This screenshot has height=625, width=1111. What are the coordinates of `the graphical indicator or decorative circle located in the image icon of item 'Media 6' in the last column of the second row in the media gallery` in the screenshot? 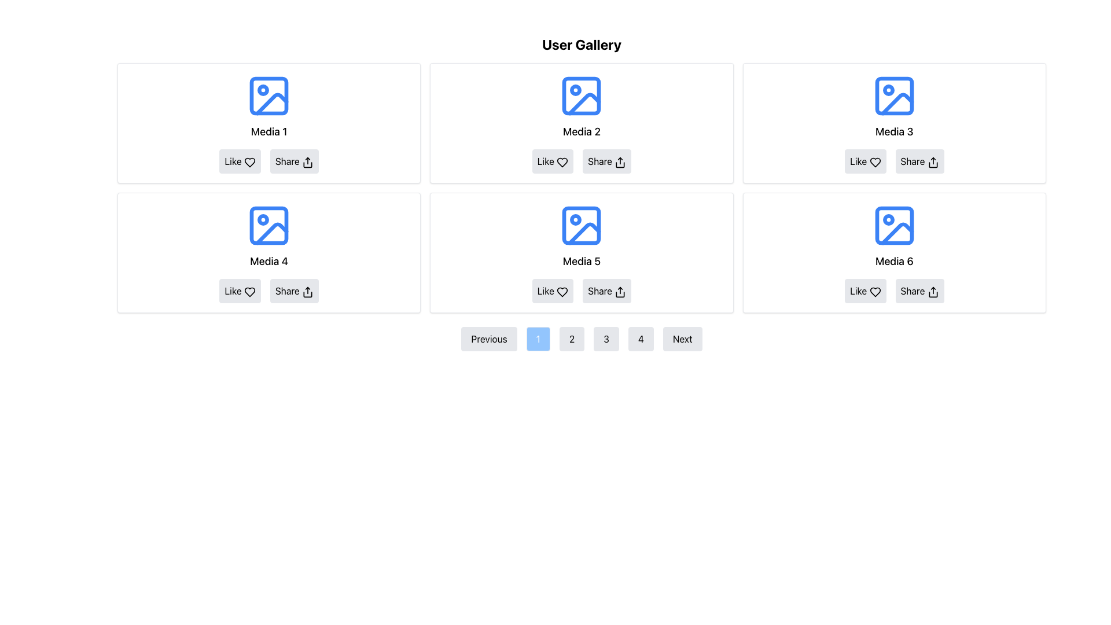 It's located at (888, 220).